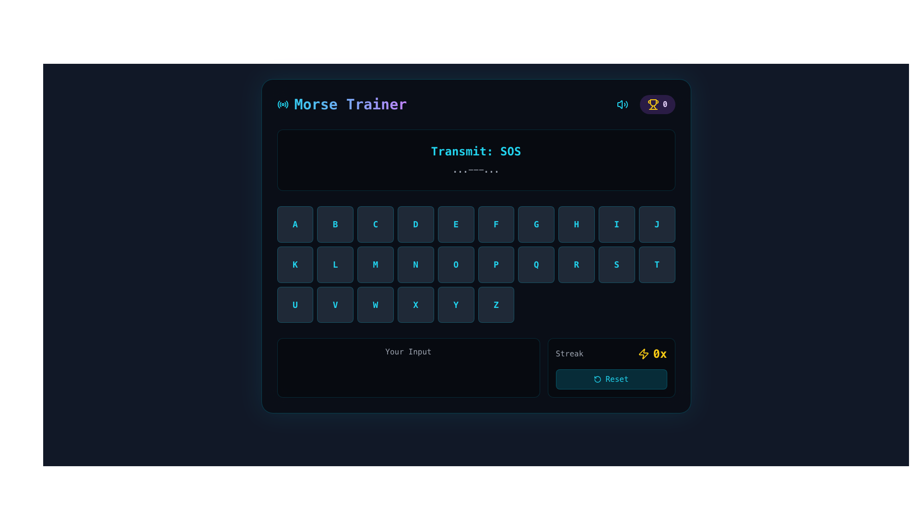 The image size is (921, 518). I want to click on the square-shaped button displaying 'G' with blue text and a dark gray background, so click(536, 224).